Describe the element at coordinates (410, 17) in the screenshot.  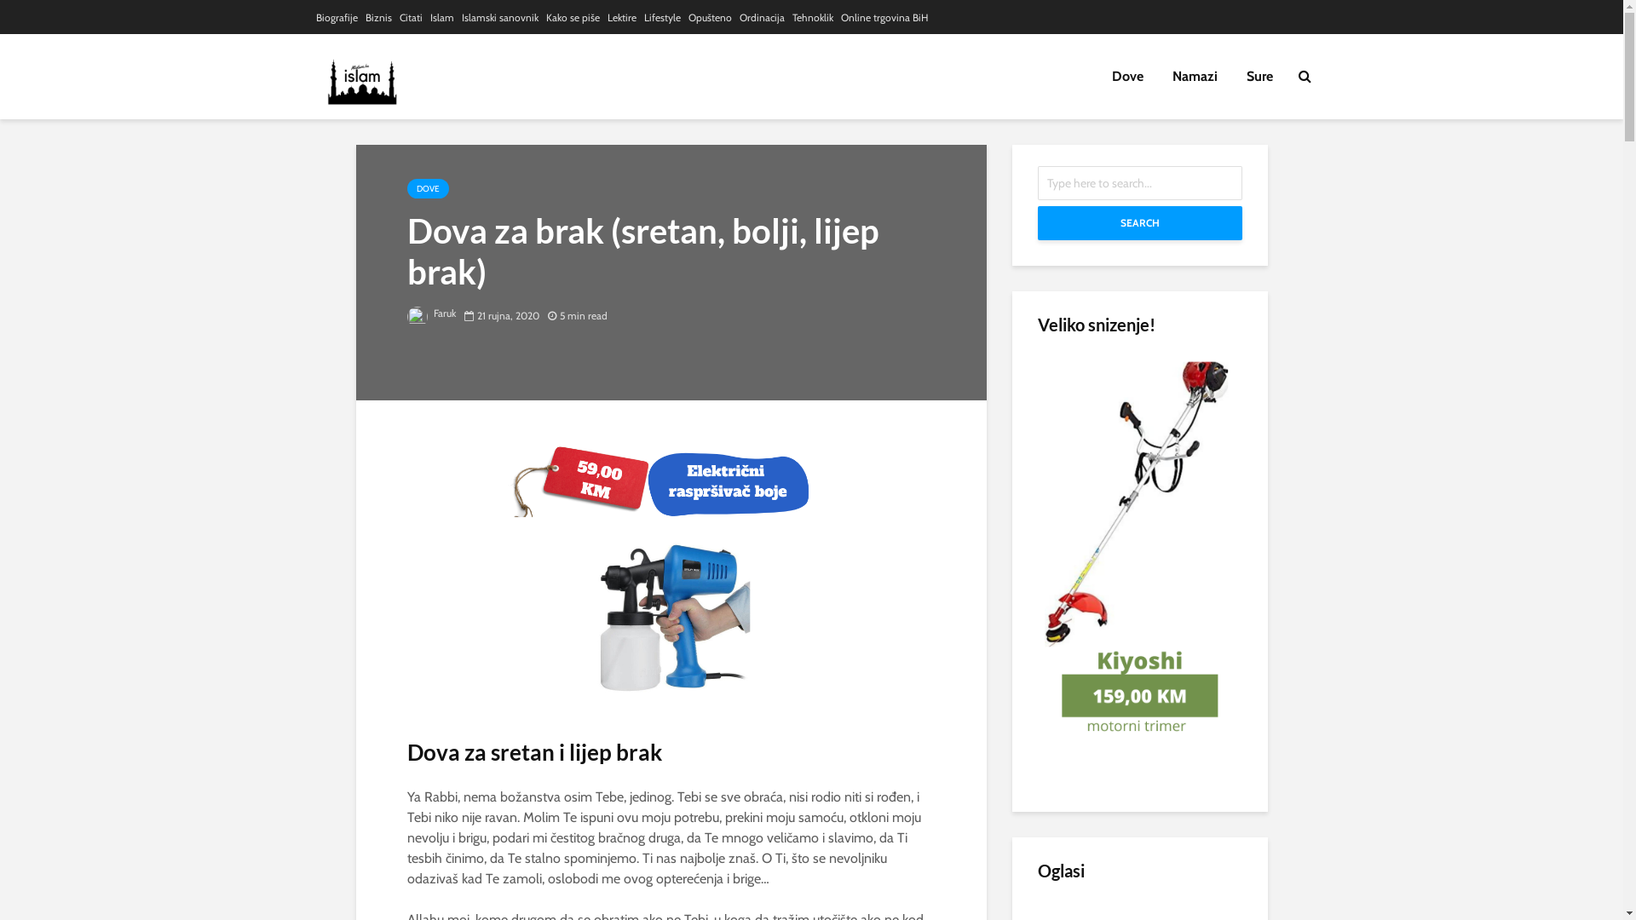
I see `'Citati'` at that location.